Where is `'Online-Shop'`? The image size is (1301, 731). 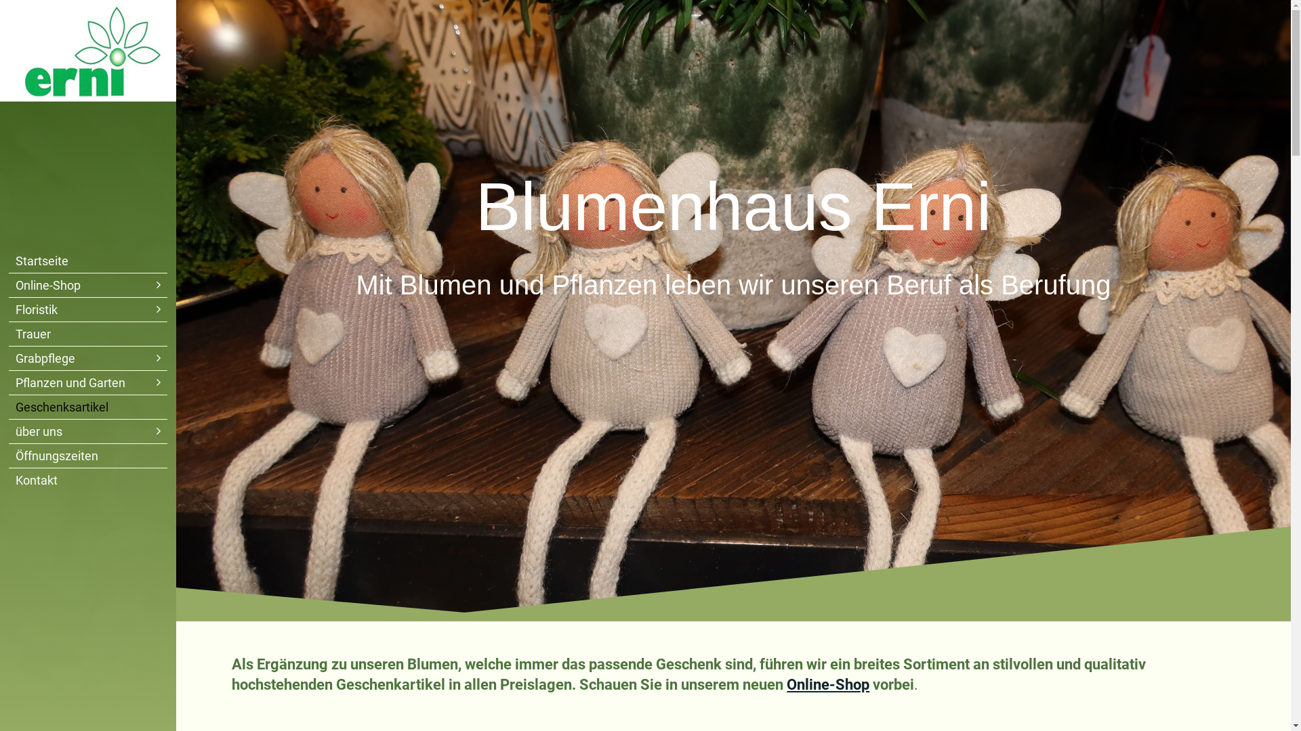
'Online-Shop' is located at coordinates (827, 684).